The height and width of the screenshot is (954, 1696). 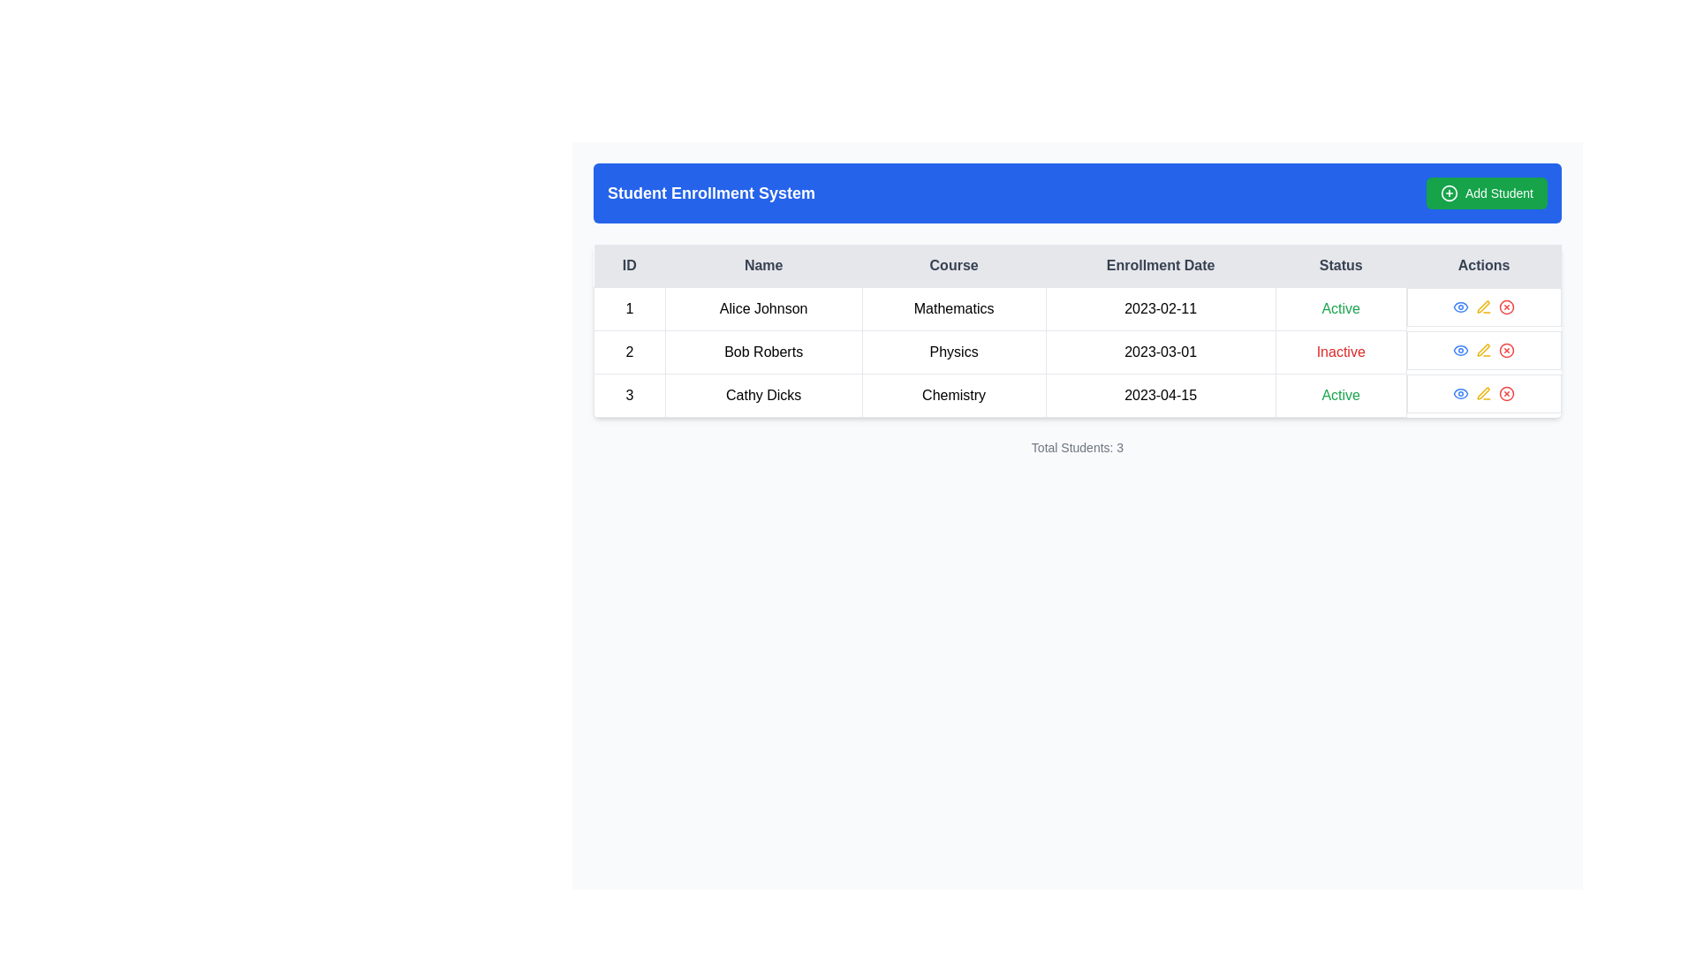 I want to click on the 'Add Student' icon located to the left of the 'Add Student' text in the green button at the upper right corner of the interface, so click(x=1450, y=193).